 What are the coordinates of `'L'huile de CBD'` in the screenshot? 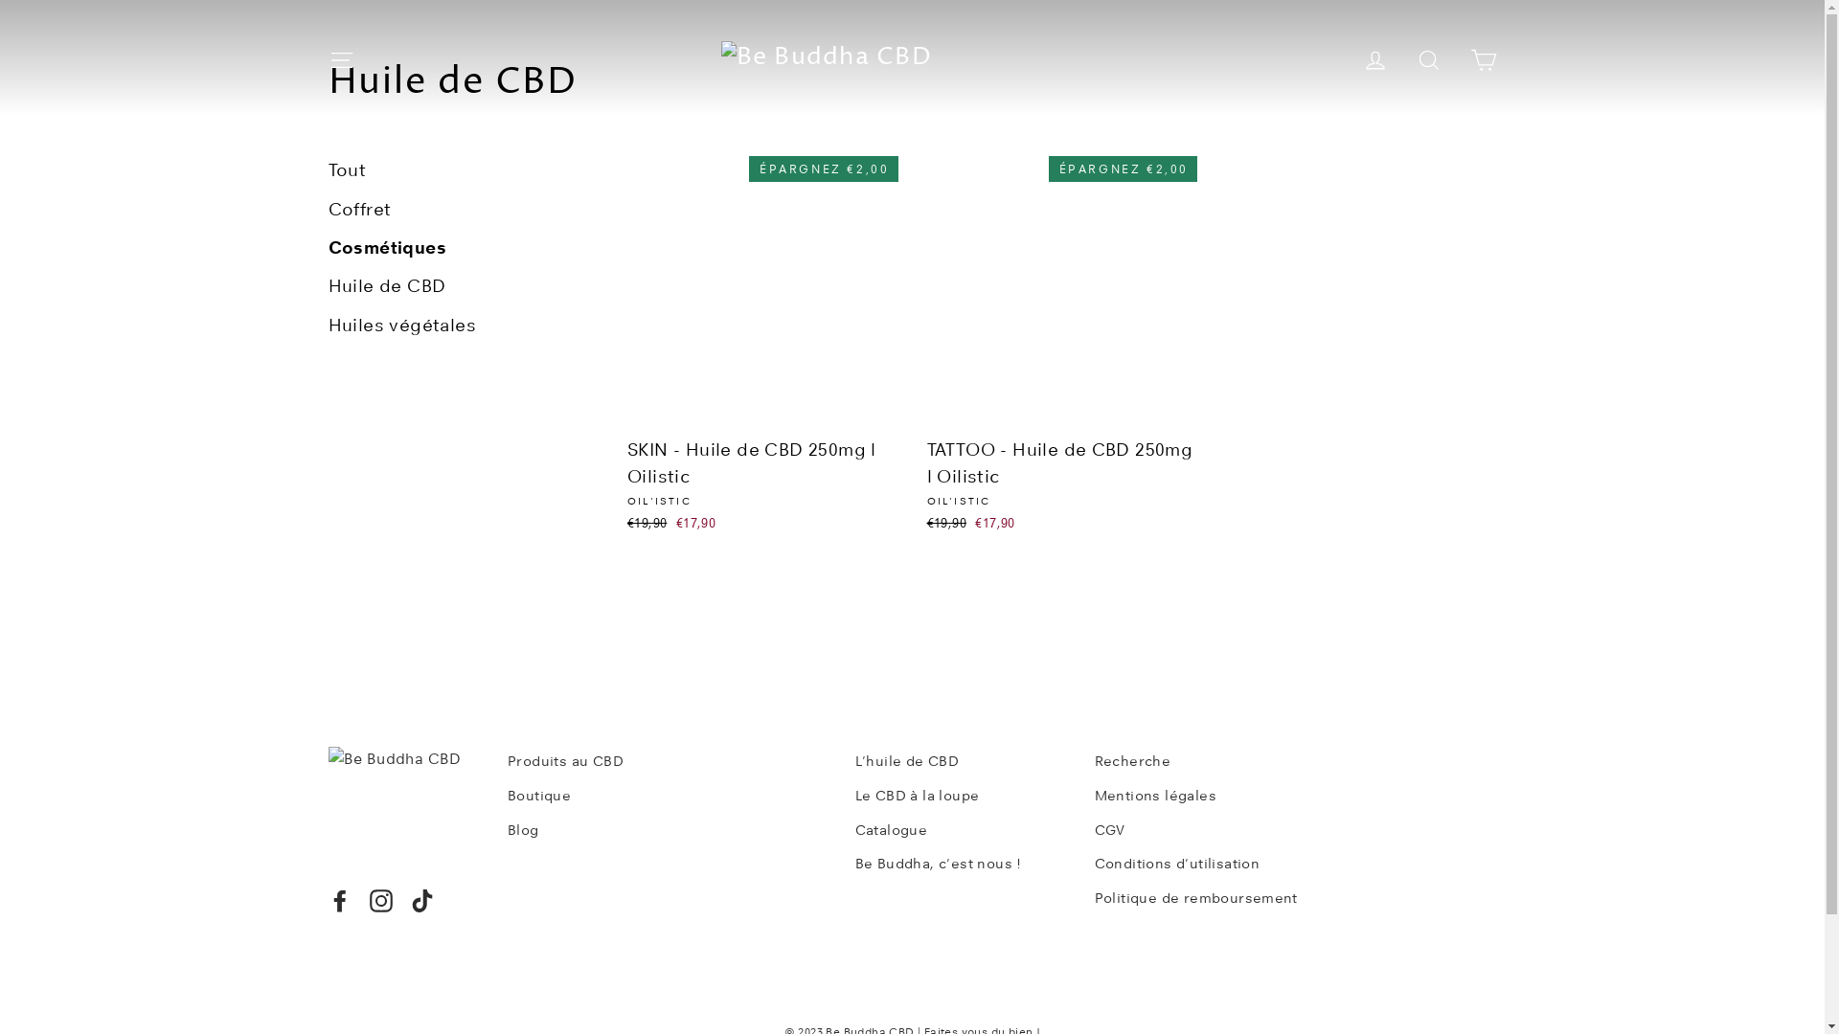 It's located at (960, 760).